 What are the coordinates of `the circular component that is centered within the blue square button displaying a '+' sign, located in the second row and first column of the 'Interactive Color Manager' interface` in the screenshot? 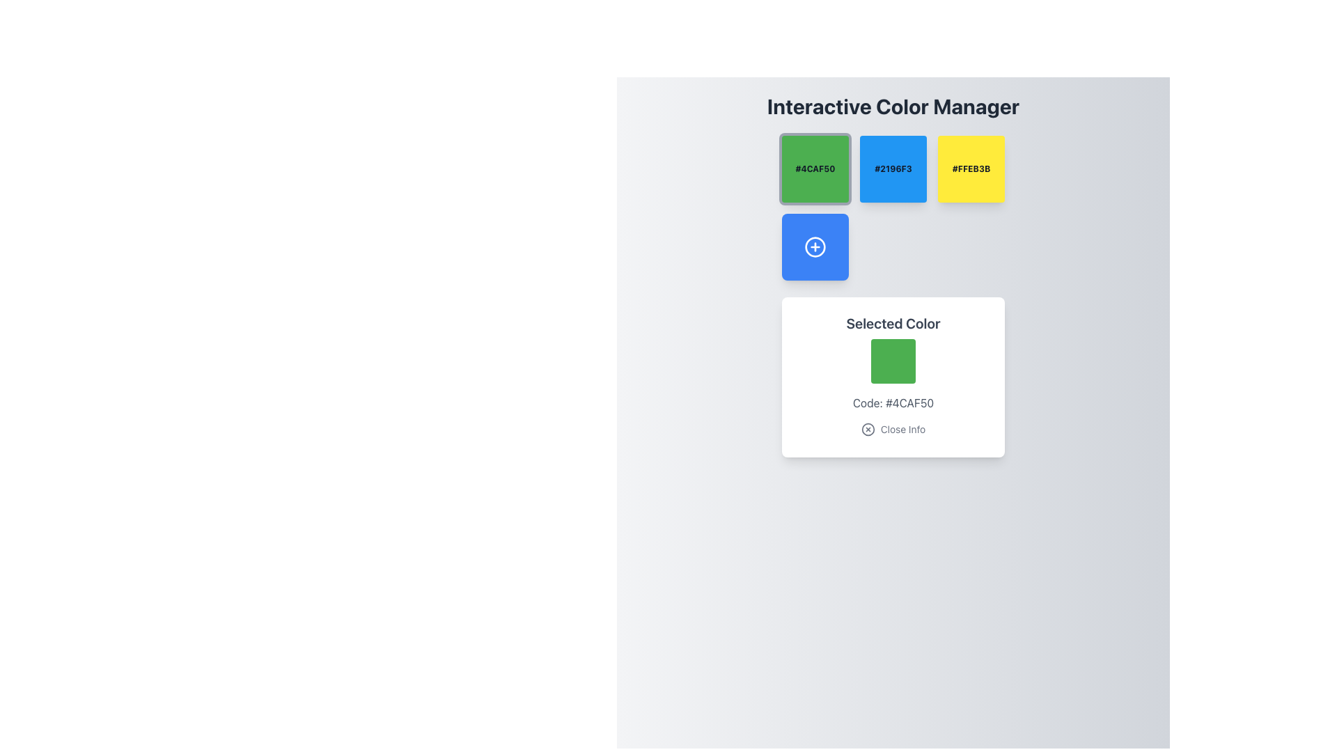 It's located at (815, 246).